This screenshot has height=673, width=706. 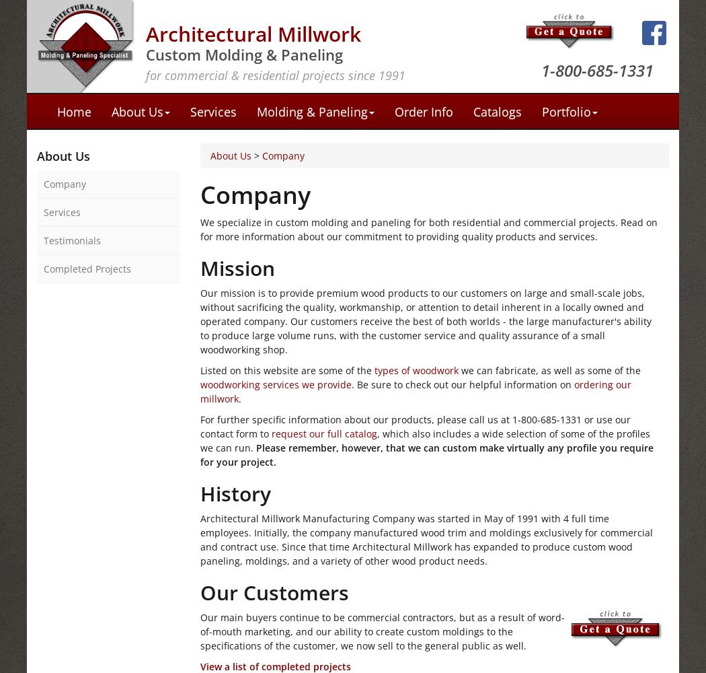 What do you see at coordinates (243, 54) in the screenshot?
I see `'Custom Molding & Paneling'` at bounding box center [243, 54].